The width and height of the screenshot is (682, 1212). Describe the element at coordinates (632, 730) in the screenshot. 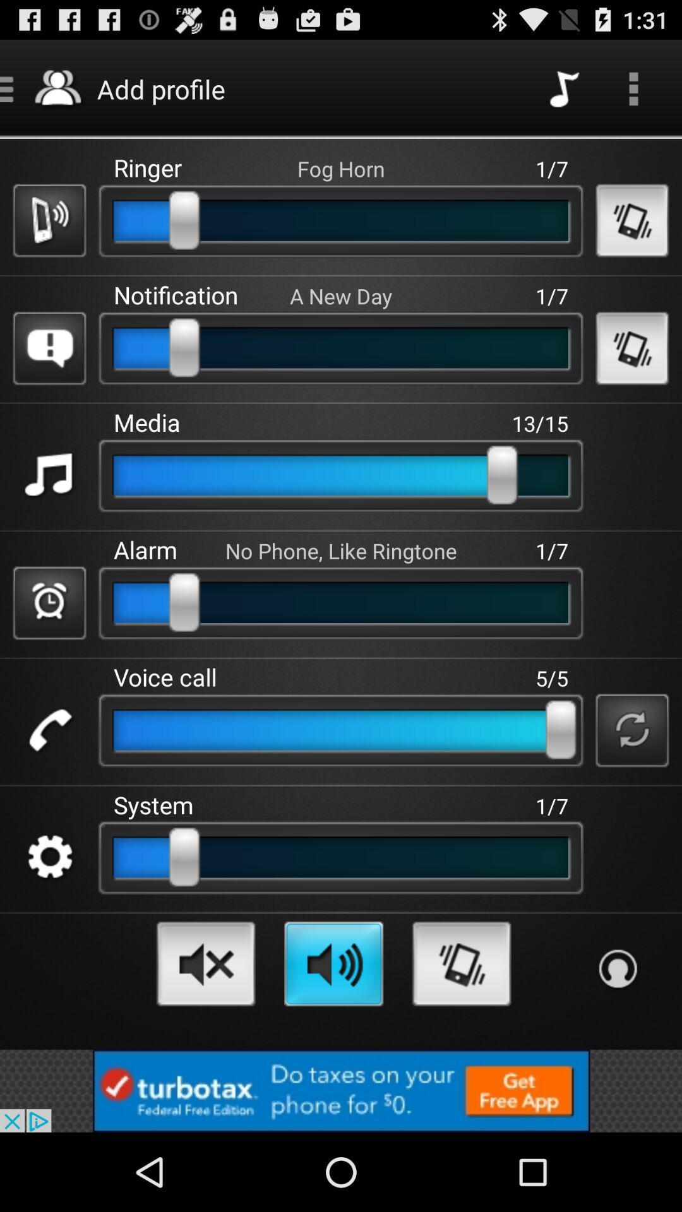

I see `the symbol which is to the right of slide bar in the voice call` at that location.